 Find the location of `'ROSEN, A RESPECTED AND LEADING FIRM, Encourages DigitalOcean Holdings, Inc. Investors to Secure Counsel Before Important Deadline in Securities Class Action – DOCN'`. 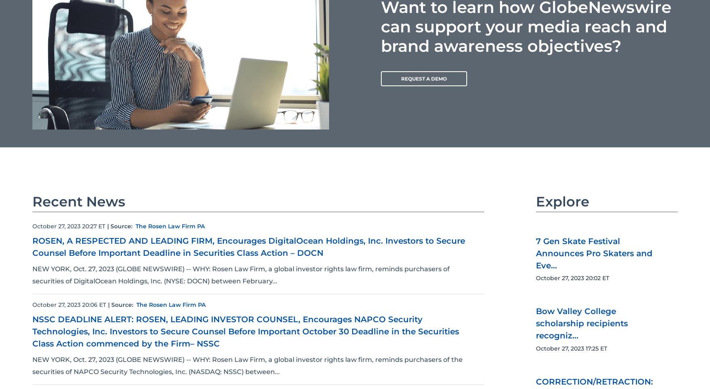

'ROSEN, A RESPECTED AND LEADING FIRM, Encourages DigitalOcean Holdings, Inc. Investors to Secure Counsel Before Important Deadline in Securities Class Action – DOCN' is located at coordinates (249, 246).